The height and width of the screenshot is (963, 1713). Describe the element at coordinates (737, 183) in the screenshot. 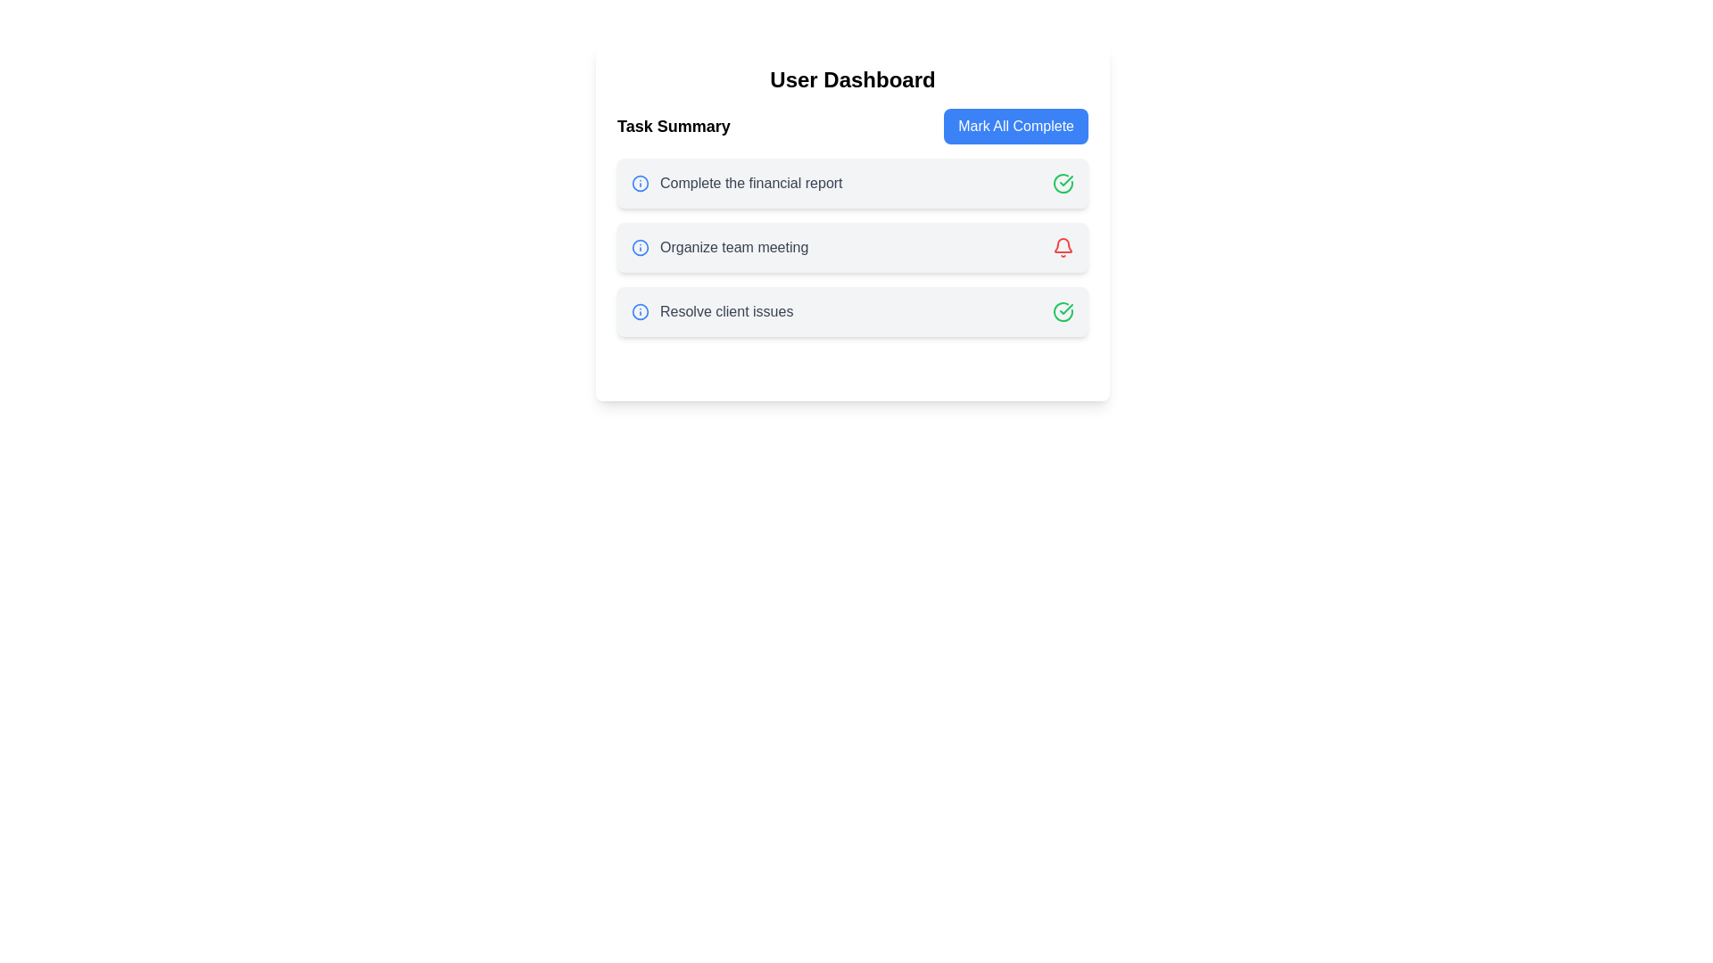

I see `text content of the first task item in the 'Task Summary' section, which is accompanied by a blue information icon on the left and a green checkmark icon on the right` at that location.